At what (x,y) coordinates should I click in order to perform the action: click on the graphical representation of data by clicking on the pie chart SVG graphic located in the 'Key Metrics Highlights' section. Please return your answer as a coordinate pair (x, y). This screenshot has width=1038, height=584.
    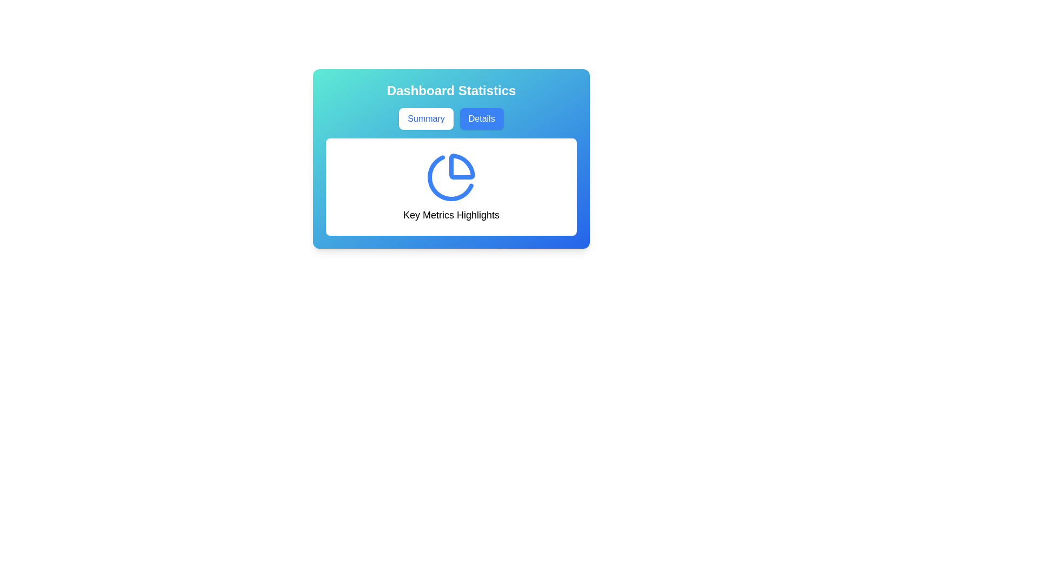
    Looking at the image, I should click on (451, 176).